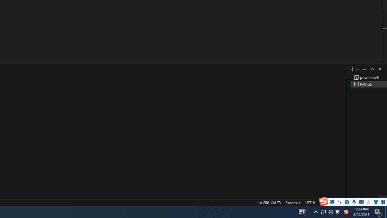  What do you see at coordinates (269, 202) in the screenshot?
I see `'Ln 286, Col 73'` at bounding box center [269, 202].